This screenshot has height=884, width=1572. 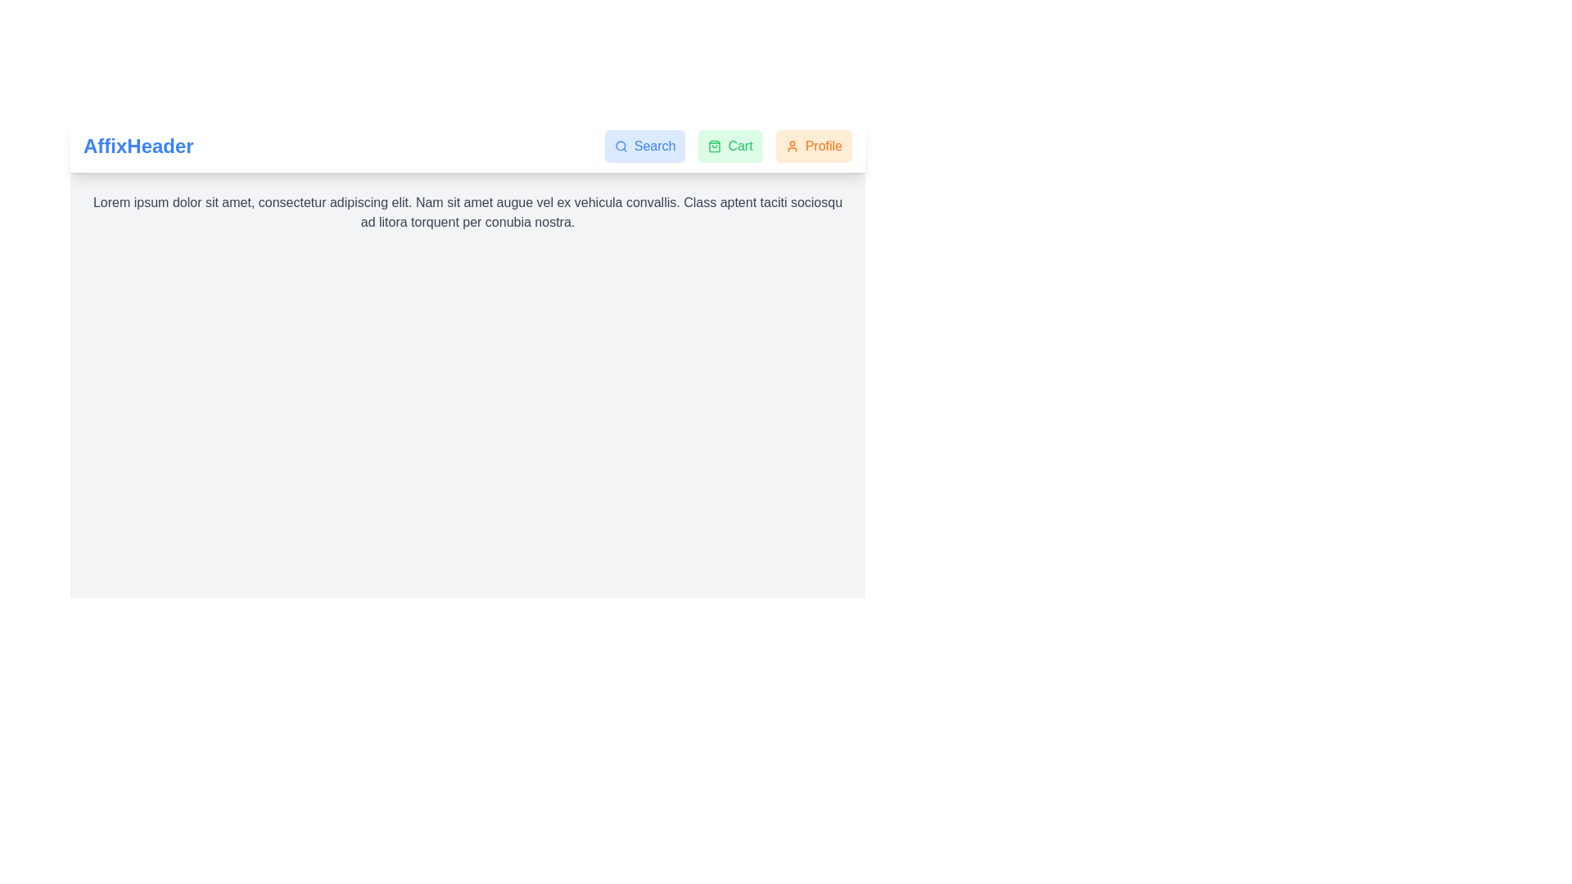 I want to click on the circular body of the magnifying glass icon, which represents the search functionality in the navigation header, so click(x=620, y=145).